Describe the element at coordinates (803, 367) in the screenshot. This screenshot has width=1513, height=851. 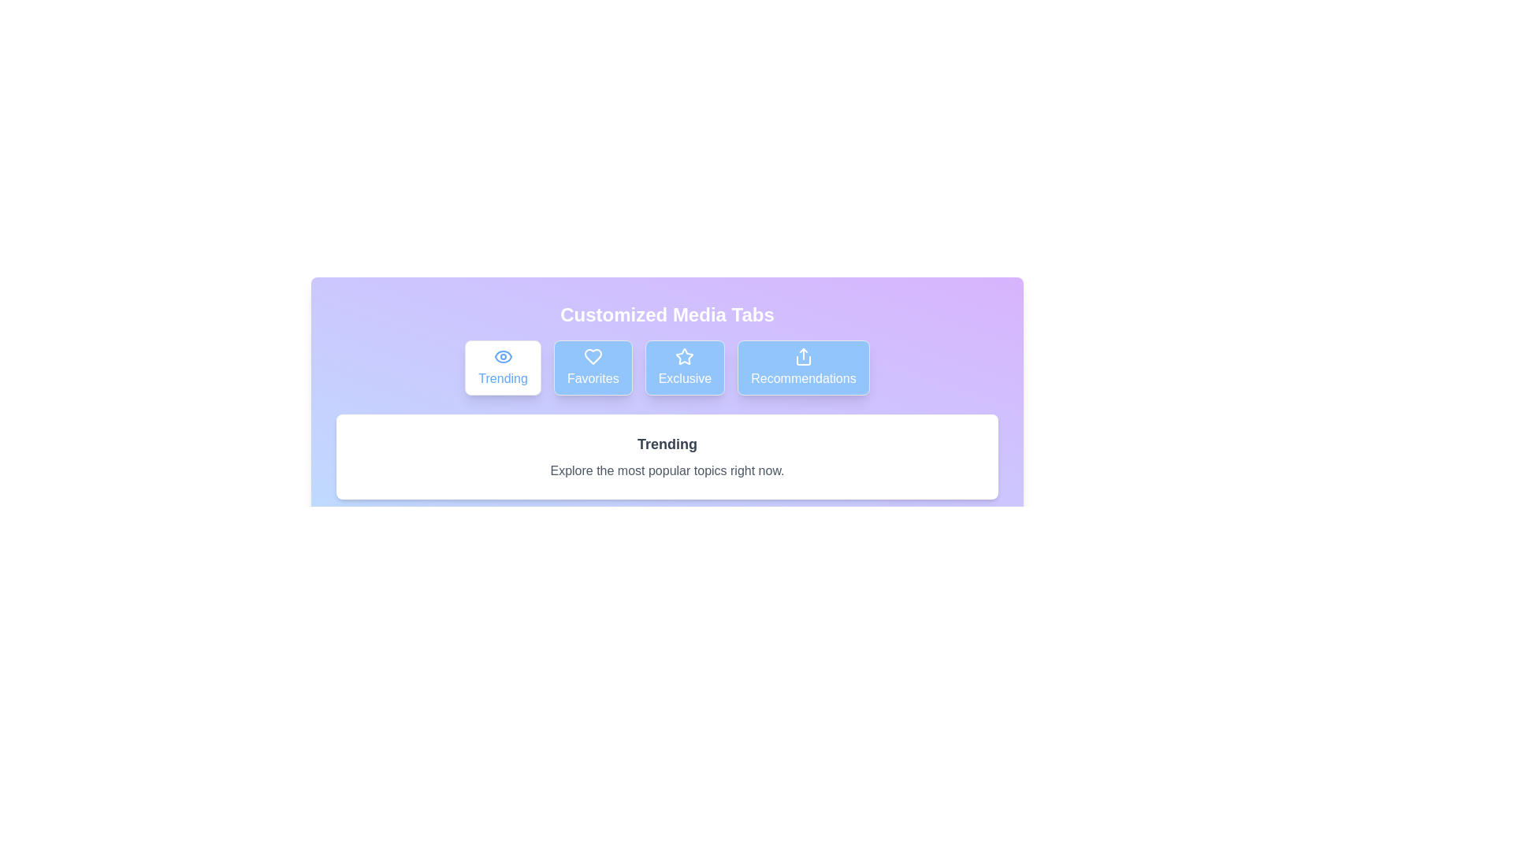
I see `the Recommendations tab` at that location.